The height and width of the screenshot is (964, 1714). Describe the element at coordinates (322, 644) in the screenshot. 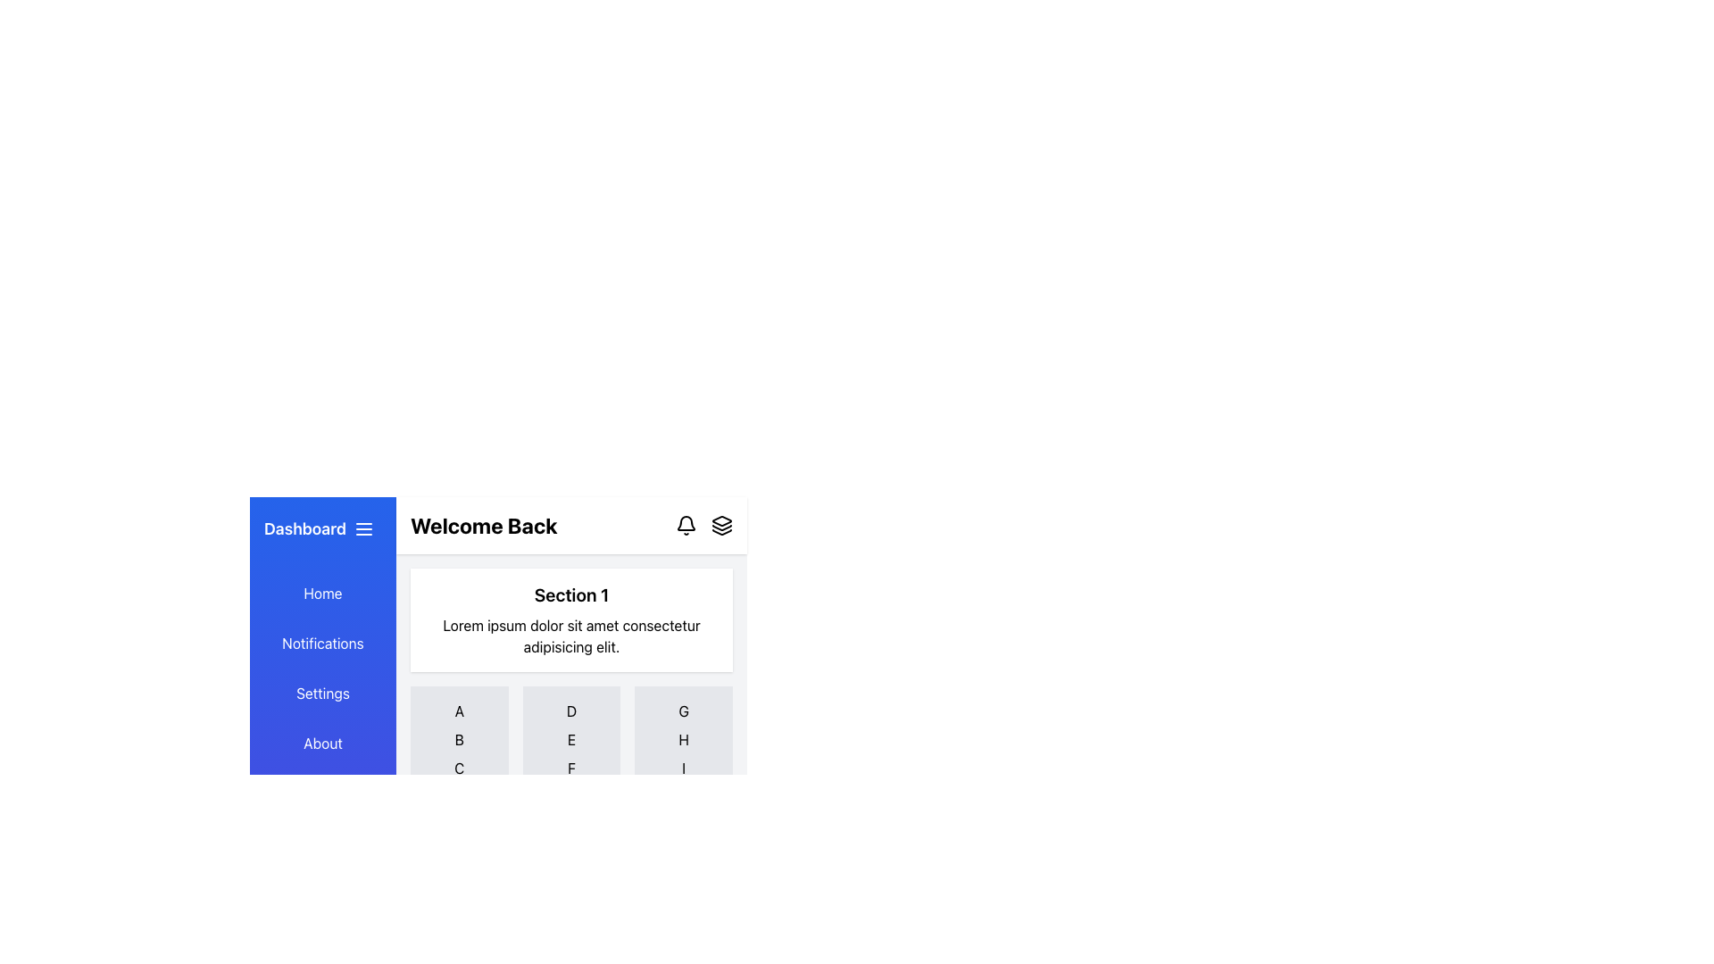

I see `the 'Notifications' navigation link located in the vertical menu, which is the second item below 'Home' and above 'Settings'` at that location.